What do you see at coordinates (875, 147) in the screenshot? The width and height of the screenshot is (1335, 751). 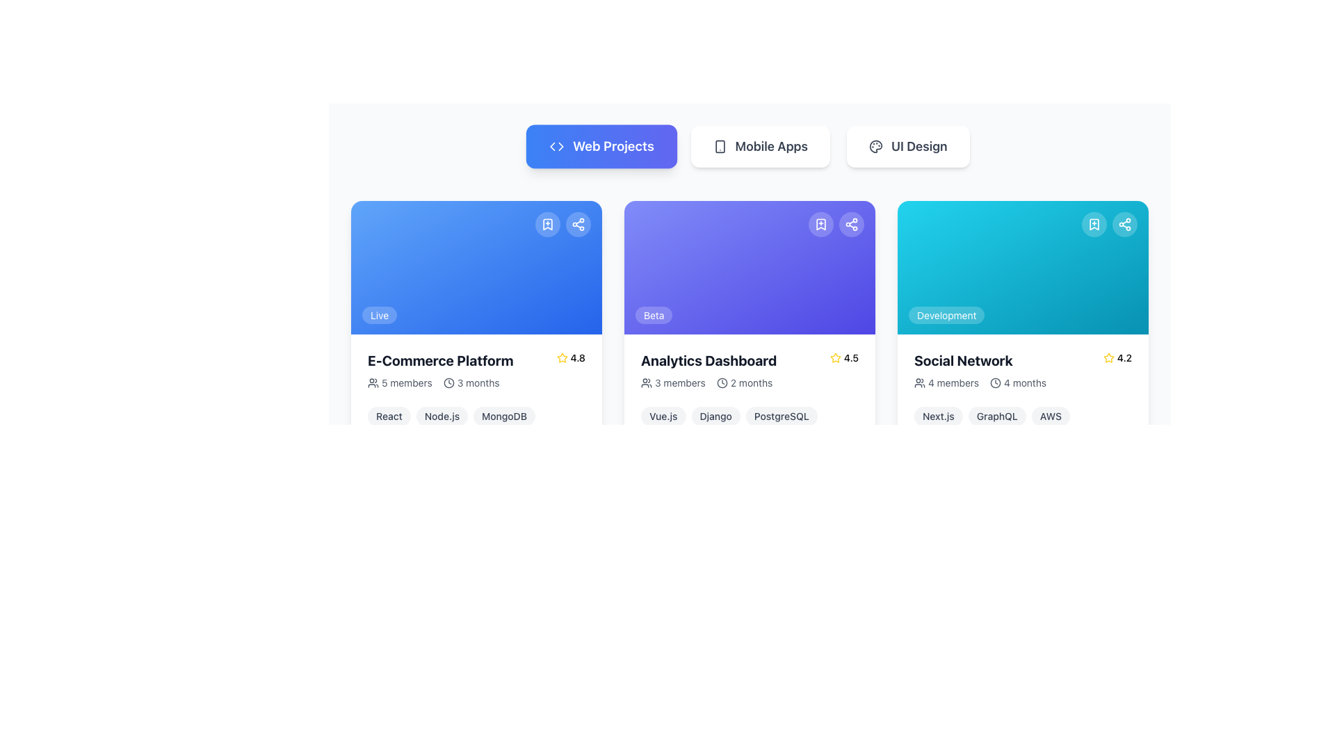 I see `the Decorative icon that represents user interface design, located within the button labeled 'UI Design', positioned to the left of the text label` at bounding box center [875, 147].